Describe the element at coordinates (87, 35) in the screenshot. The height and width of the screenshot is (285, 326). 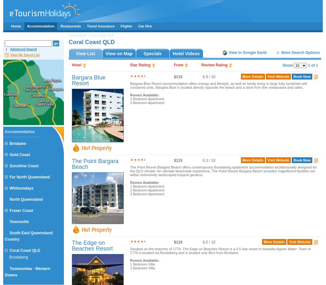
I see `'>'` at that location.